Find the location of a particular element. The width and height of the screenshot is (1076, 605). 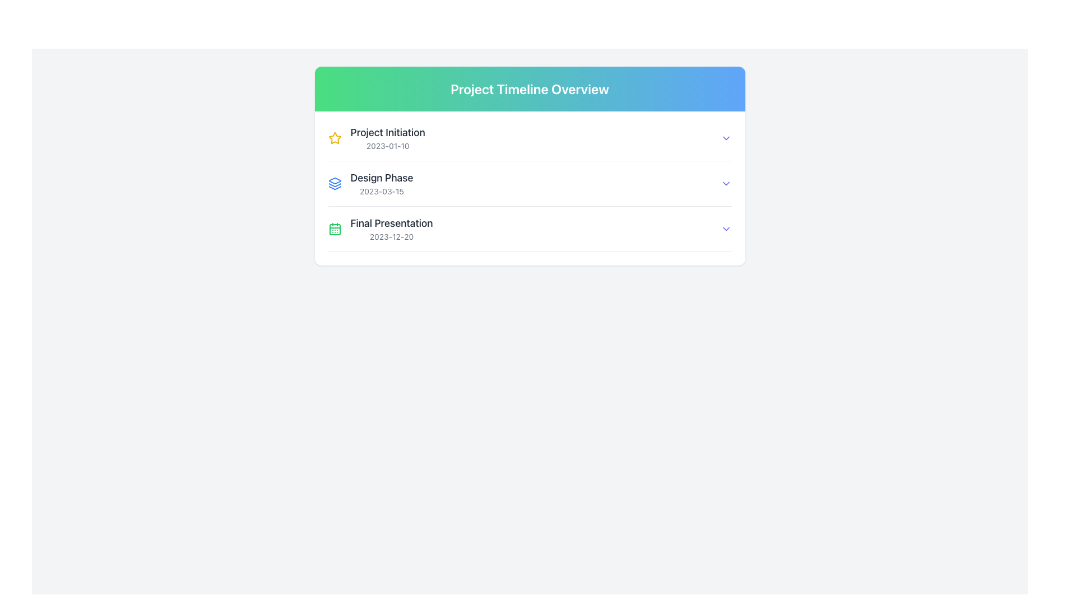

the header text label for the first item in the timeline, which is positioned above the date '2023-01-10' and adjacent to an icon is located at coordinates (388, 132).